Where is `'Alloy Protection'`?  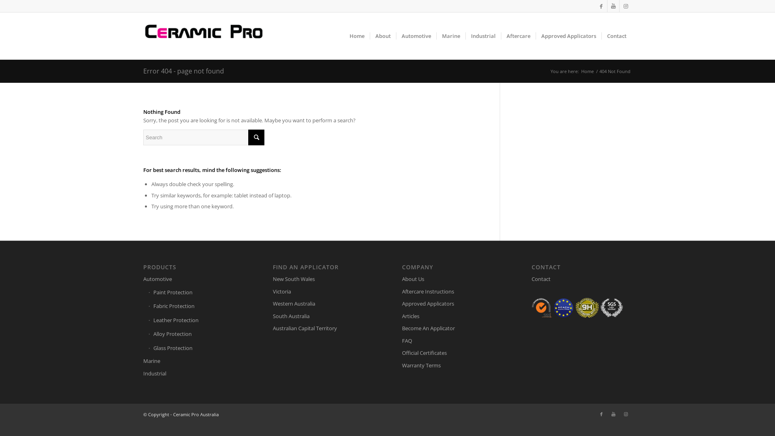 'Alloy Protection' is located at coordinates (196, 334).